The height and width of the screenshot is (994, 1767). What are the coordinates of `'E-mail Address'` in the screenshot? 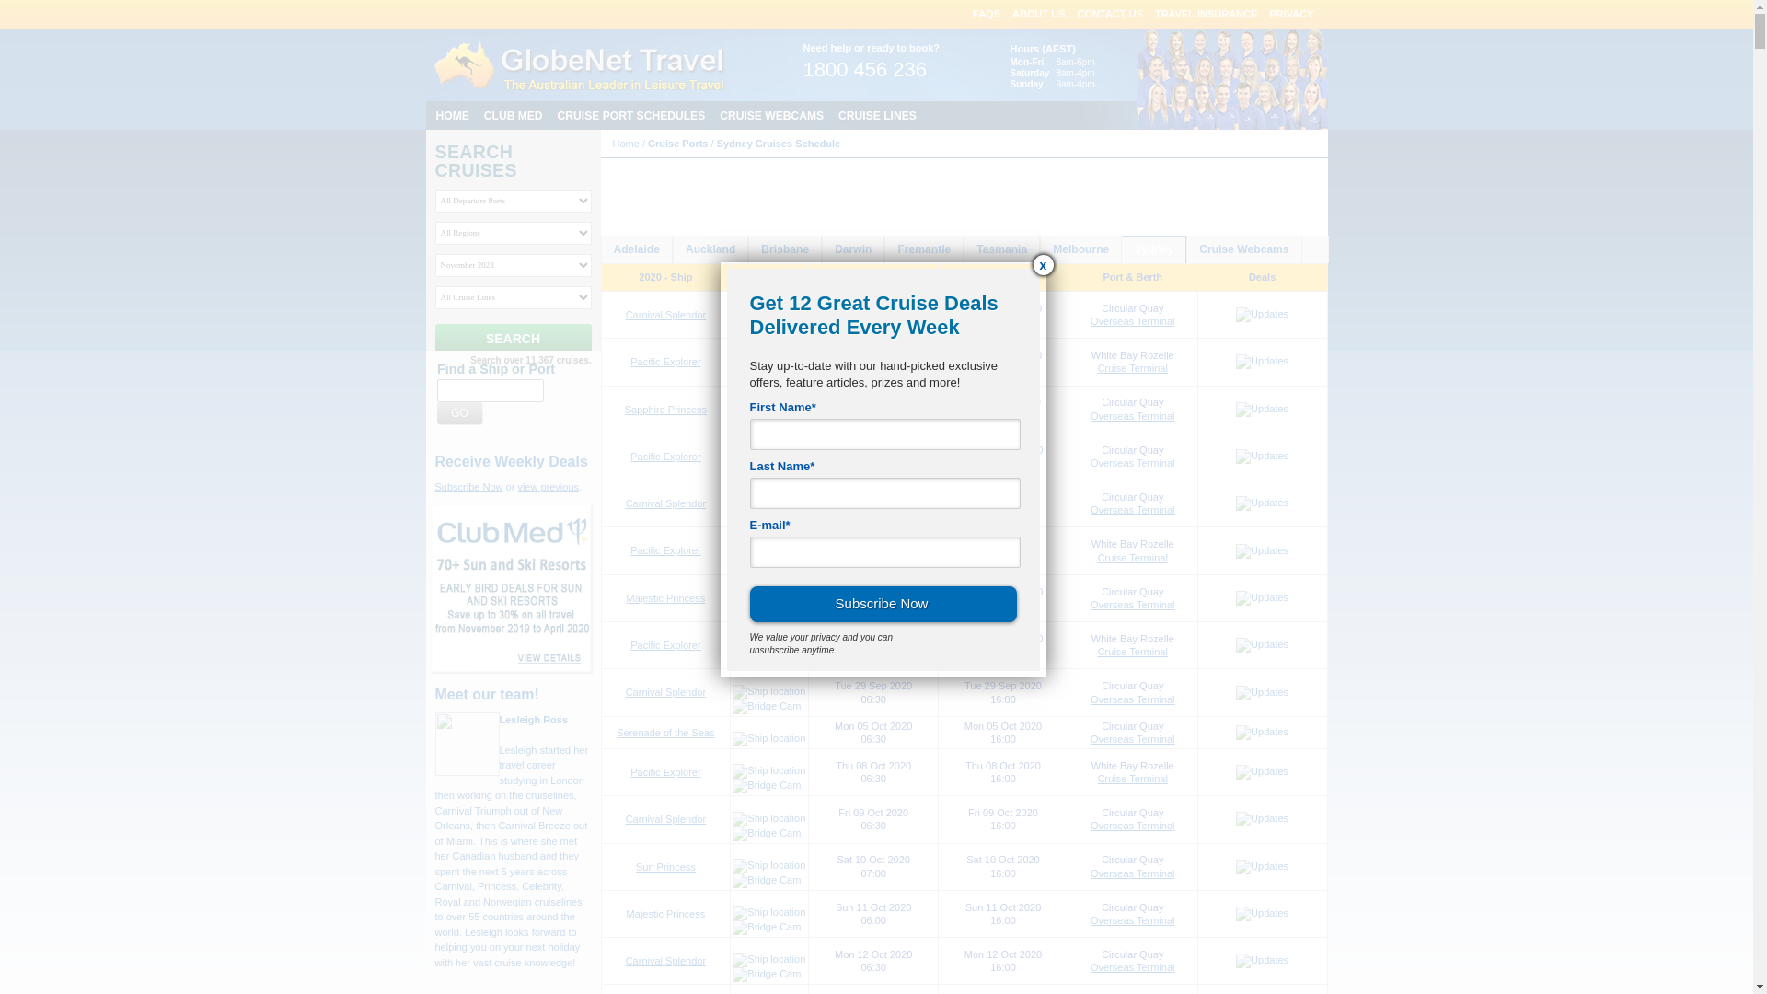 It's located at (883, 551).